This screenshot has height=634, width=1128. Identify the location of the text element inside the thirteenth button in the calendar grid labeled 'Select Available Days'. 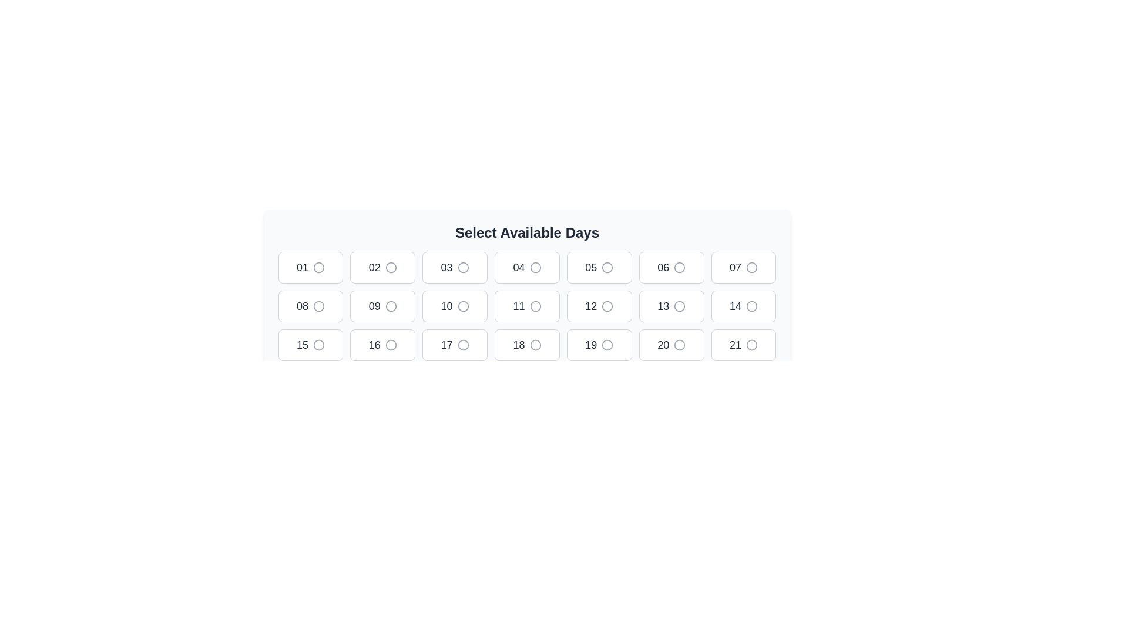
(663, 305).